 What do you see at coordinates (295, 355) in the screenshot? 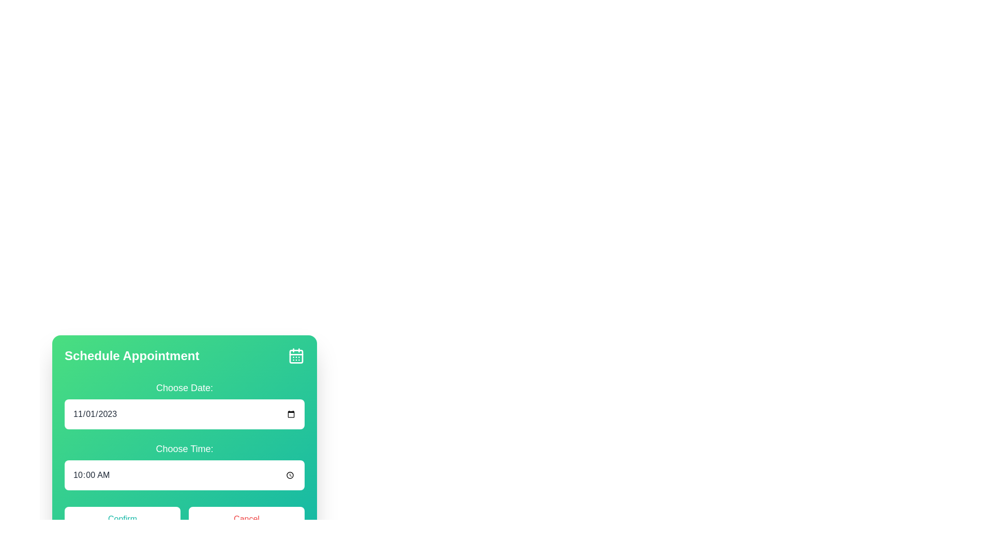
I see `the calendar icon with a minimalistic design, featuring an outline and small dots, located at the top-right corner of the 'Schedule Appointment' section` at bounding box center [295, 355].